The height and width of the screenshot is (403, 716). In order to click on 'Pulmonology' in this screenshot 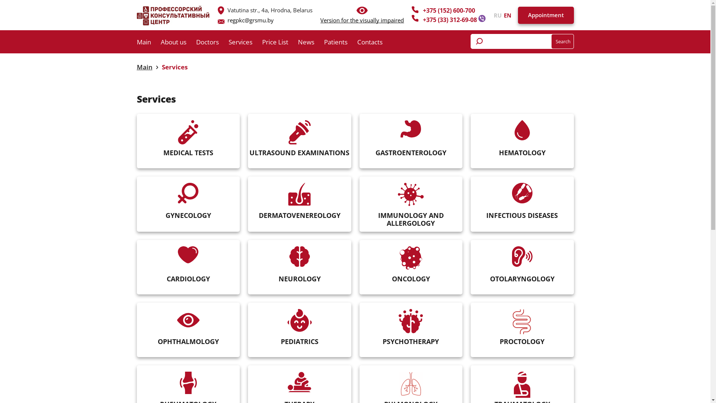, I will do `click(398, 384)`.